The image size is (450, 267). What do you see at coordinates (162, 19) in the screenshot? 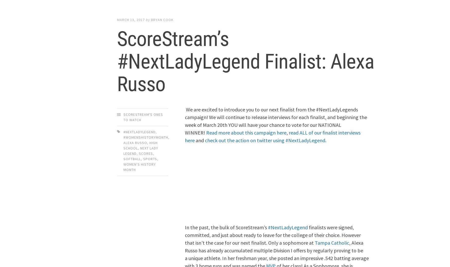
I see `'Bryan Cook'` at bounding box center [162, 19].